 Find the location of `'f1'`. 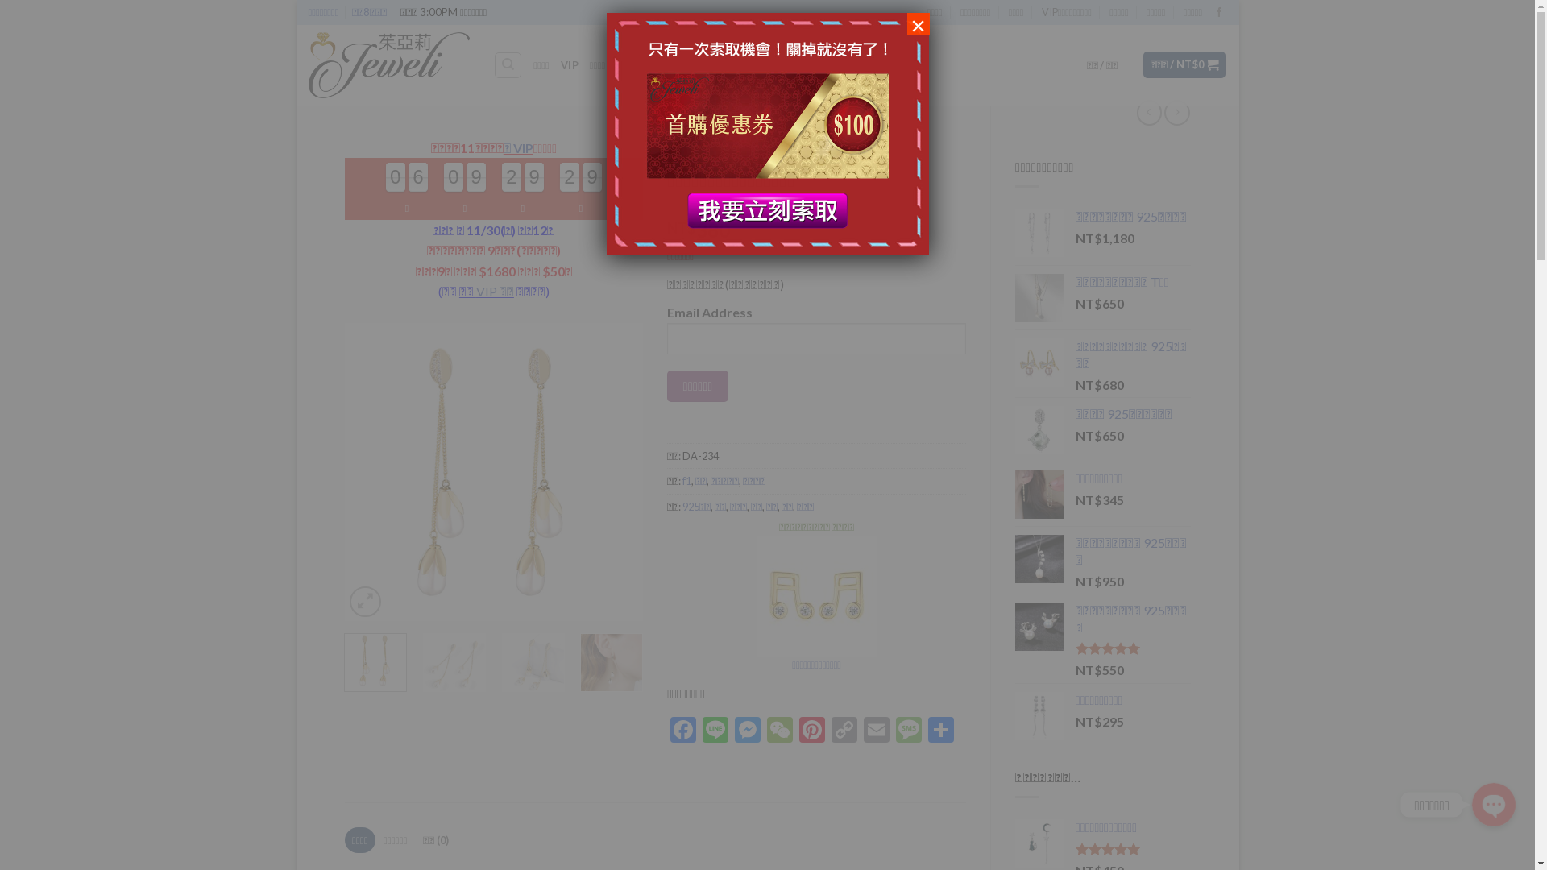

'f1' is located at coordinates (686, 480).